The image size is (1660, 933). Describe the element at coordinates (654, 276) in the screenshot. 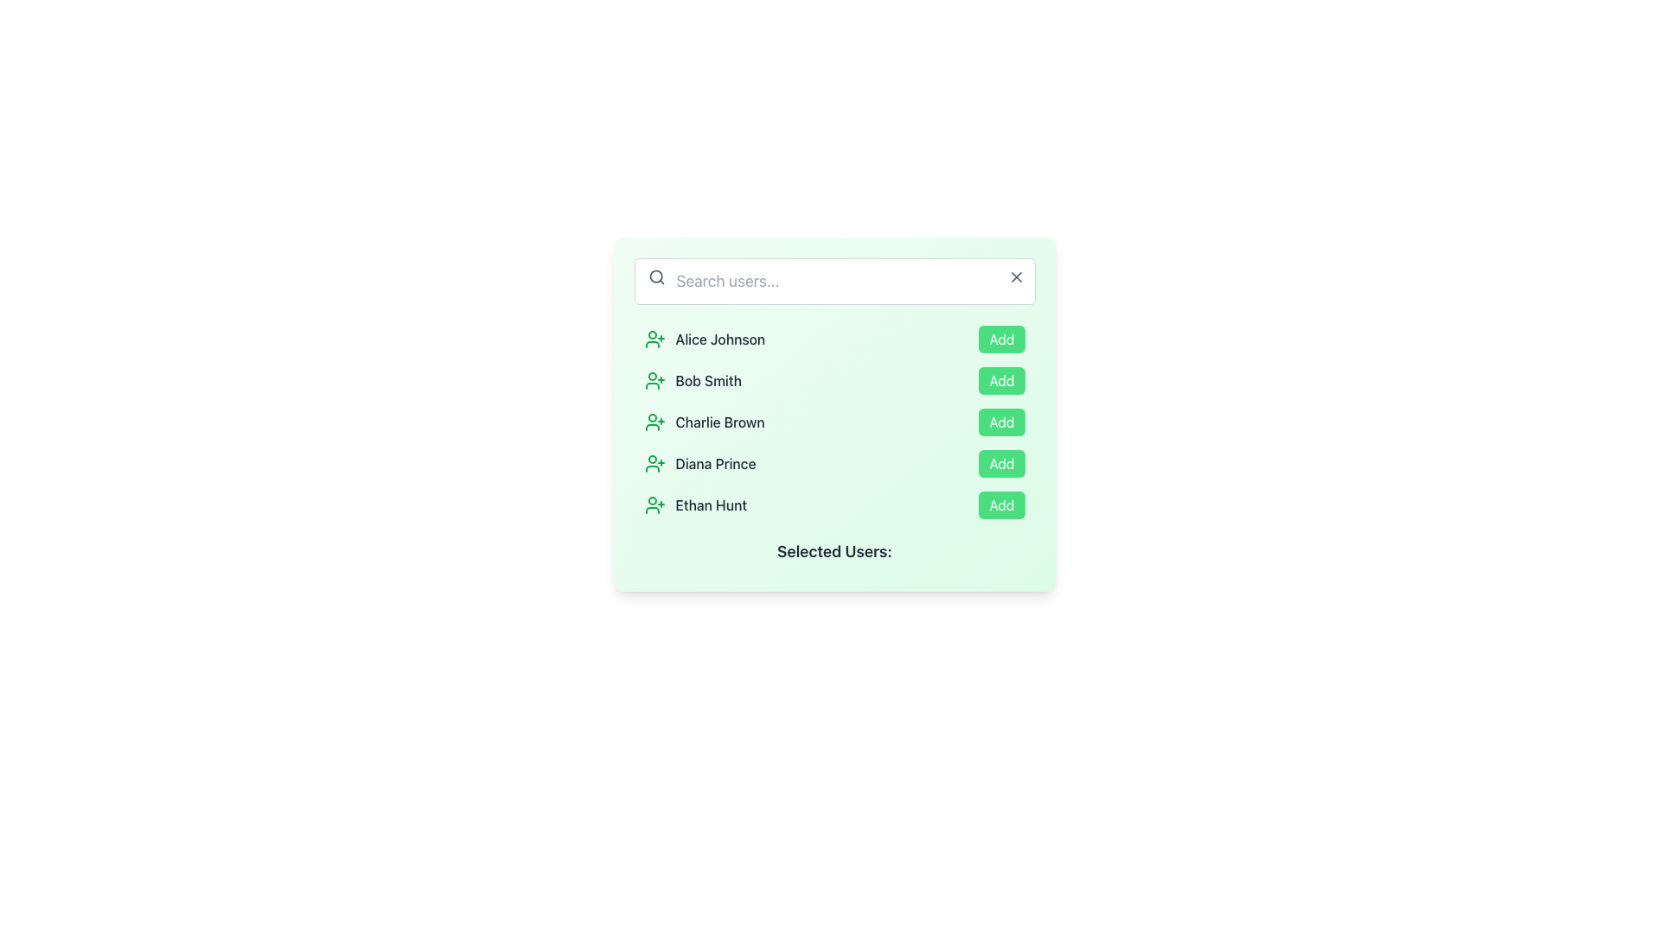

I see `the circular component of the SVG search icon located on the left side of the 'Search users...' input field` at that location.